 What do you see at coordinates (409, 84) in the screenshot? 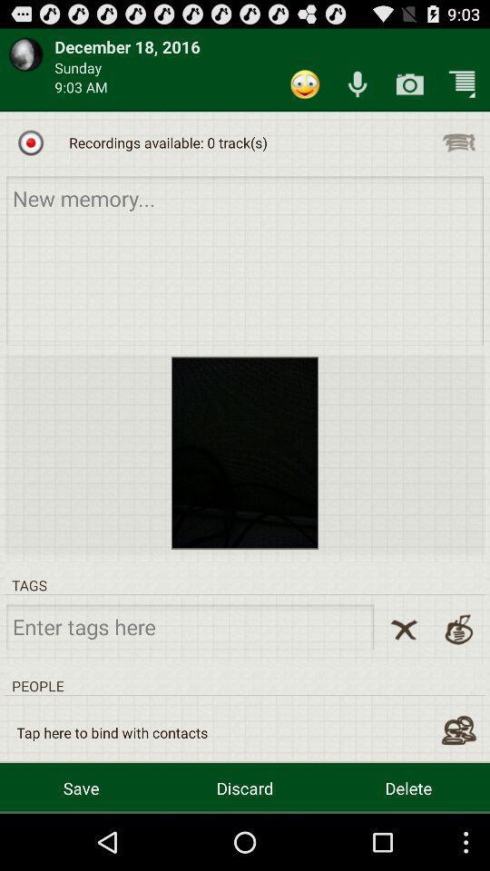
I see `take photo` at bounding box center [409, 84].